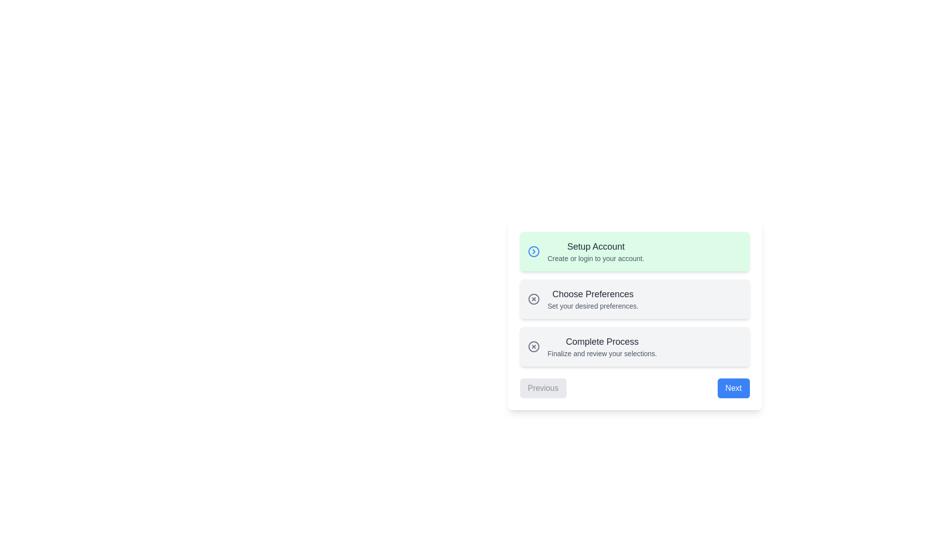  I want to click on the static text displaying 'Finalize and review your selections.' which is styled in small gray font and located below the 'Complete Process' header, so click(601, 353).